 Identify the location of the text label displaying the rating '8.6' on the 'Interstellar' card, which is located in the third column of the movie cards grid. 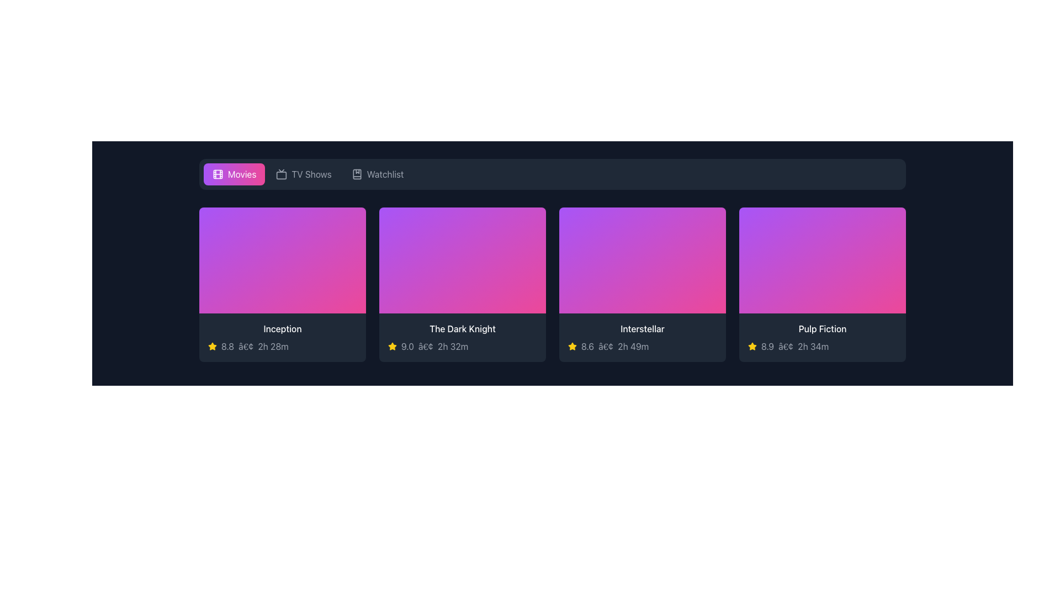
(587, 346).